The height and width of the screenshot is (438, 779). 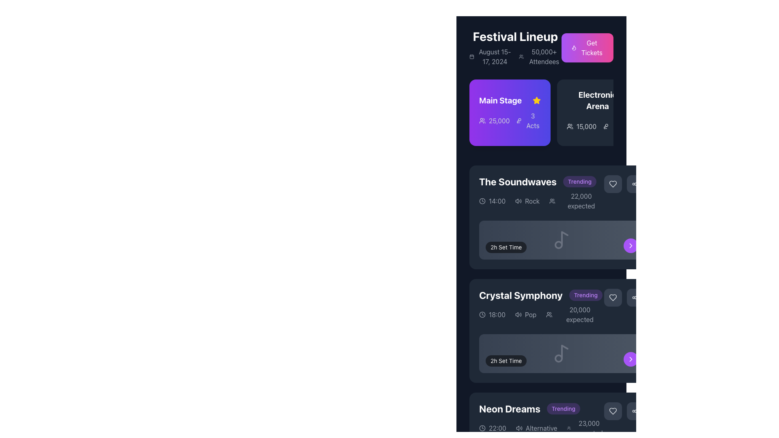 What do you see at coordinates (536, 428) in the screenshot?
I see `the text label with an accompanying icon that specifies the genre or category of the event, located after '22:00' and before '23,000 expected'` at bounding box center [536, 428].